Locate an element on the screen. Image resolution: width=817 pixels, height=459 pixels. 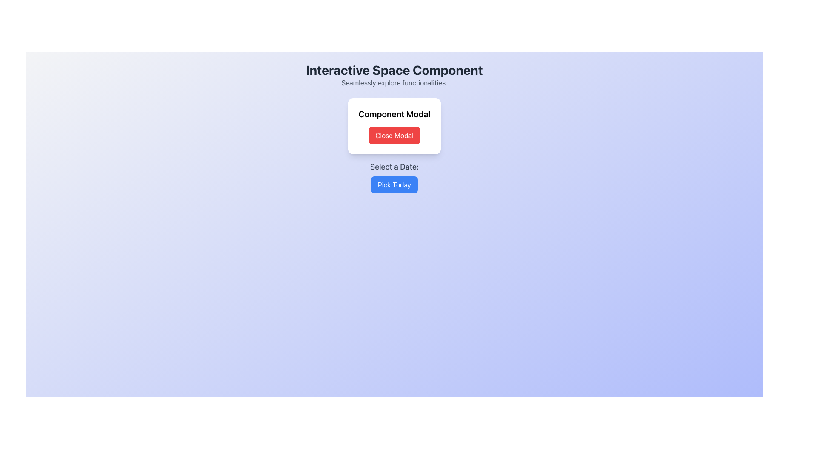
the red rectangular button labeled 'Close Modal' with rounded corners, located below the black text 'Component Modal' in the white modal is located at coordinates (394, 135).